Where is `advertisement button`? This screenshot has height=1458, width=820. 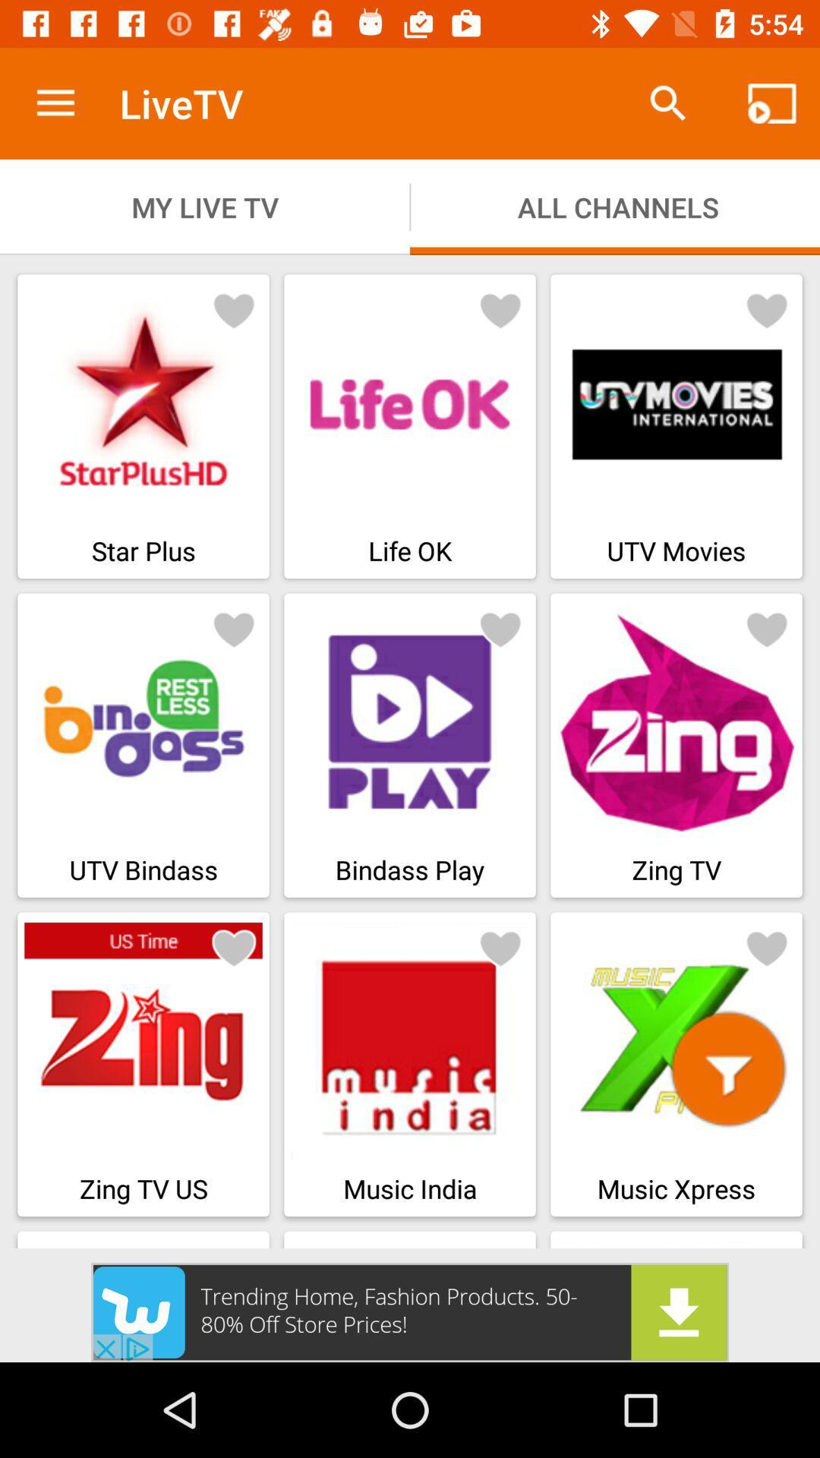 advertisement button is located at coordinates (410, 1311).